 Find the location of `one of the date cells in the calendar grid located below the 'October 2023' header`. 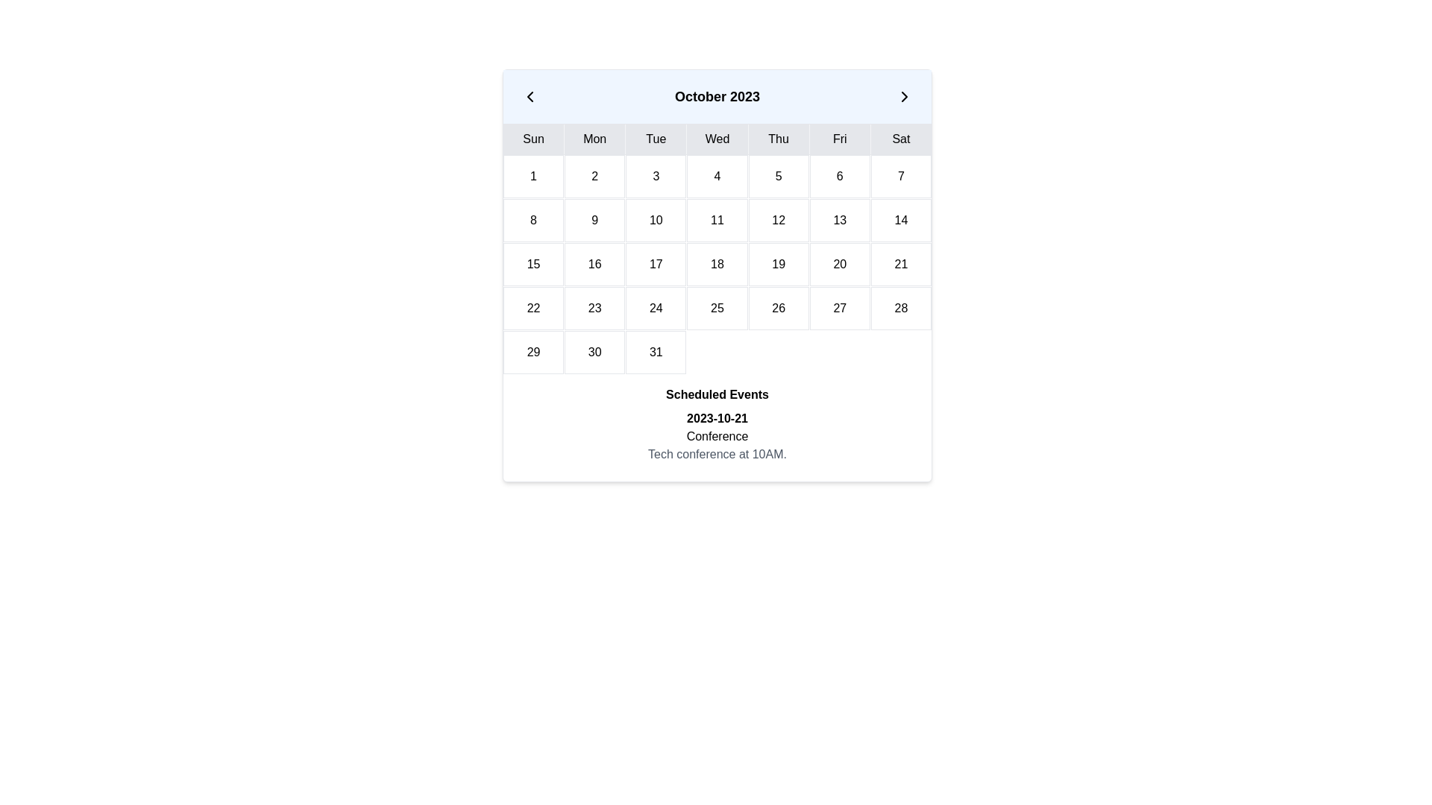

one of the date cells in the calendar grid located below the 'October 2023' header is located at coordinates (717, 263).